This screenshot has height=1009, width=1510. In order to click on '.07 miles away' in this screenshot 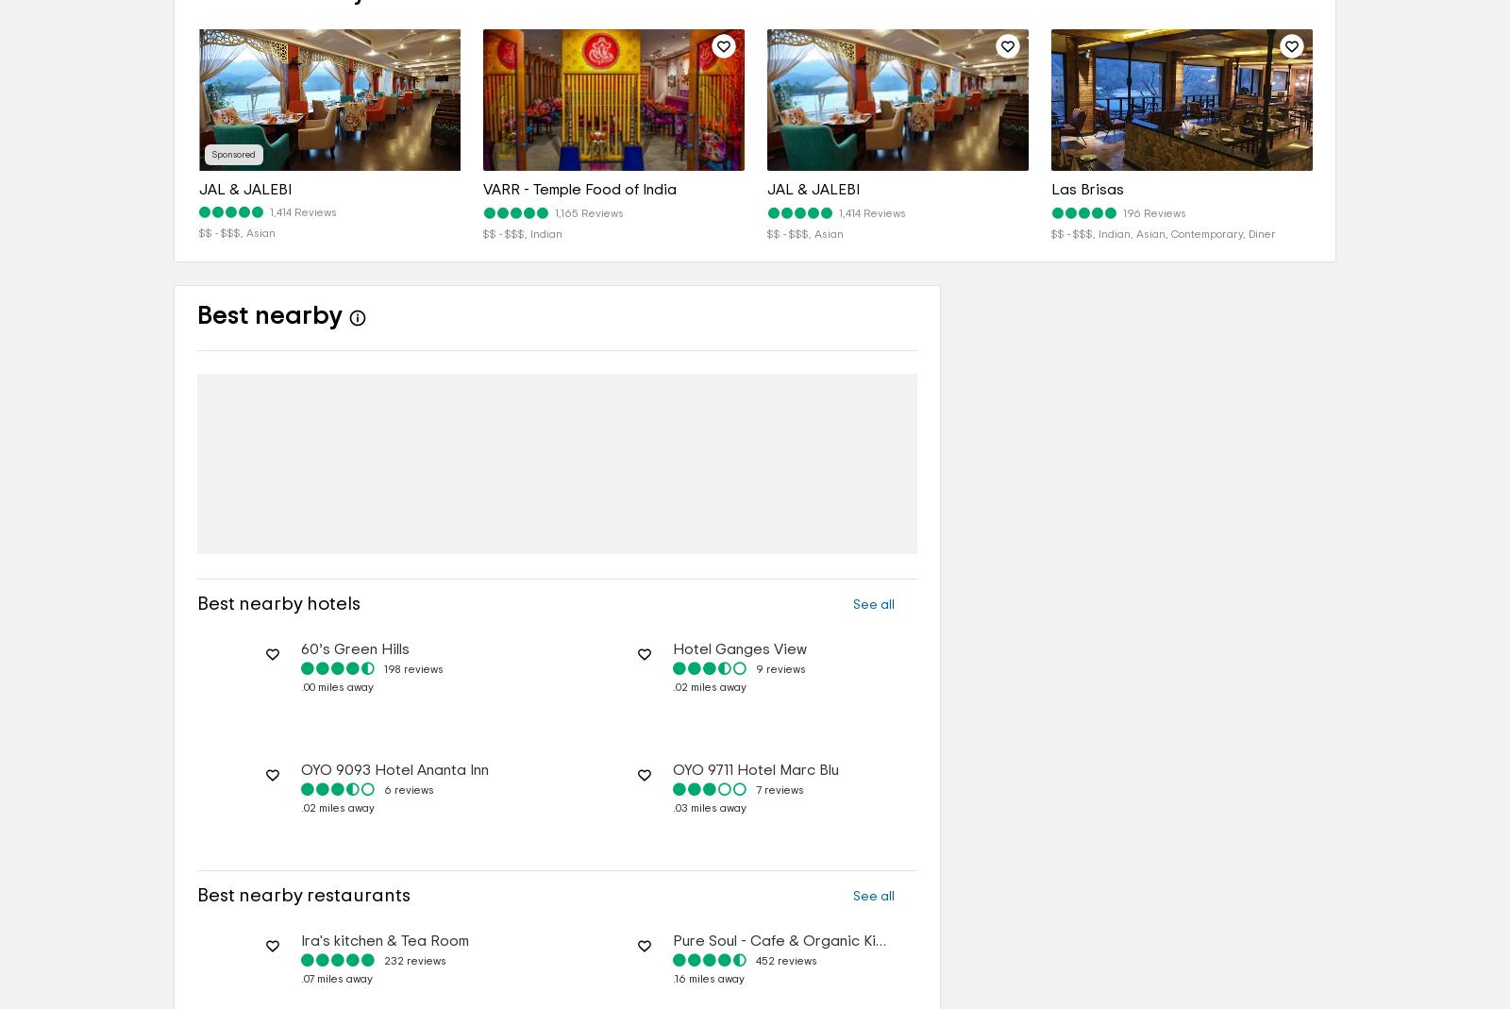, I will do `click(336, 979)`.